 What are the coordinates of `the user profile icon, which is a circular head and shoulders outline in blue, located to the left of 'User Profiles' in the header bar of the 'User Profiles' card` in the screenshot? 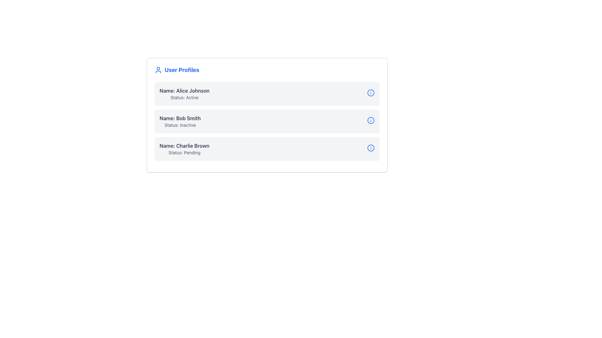 It's located at (158, 70).